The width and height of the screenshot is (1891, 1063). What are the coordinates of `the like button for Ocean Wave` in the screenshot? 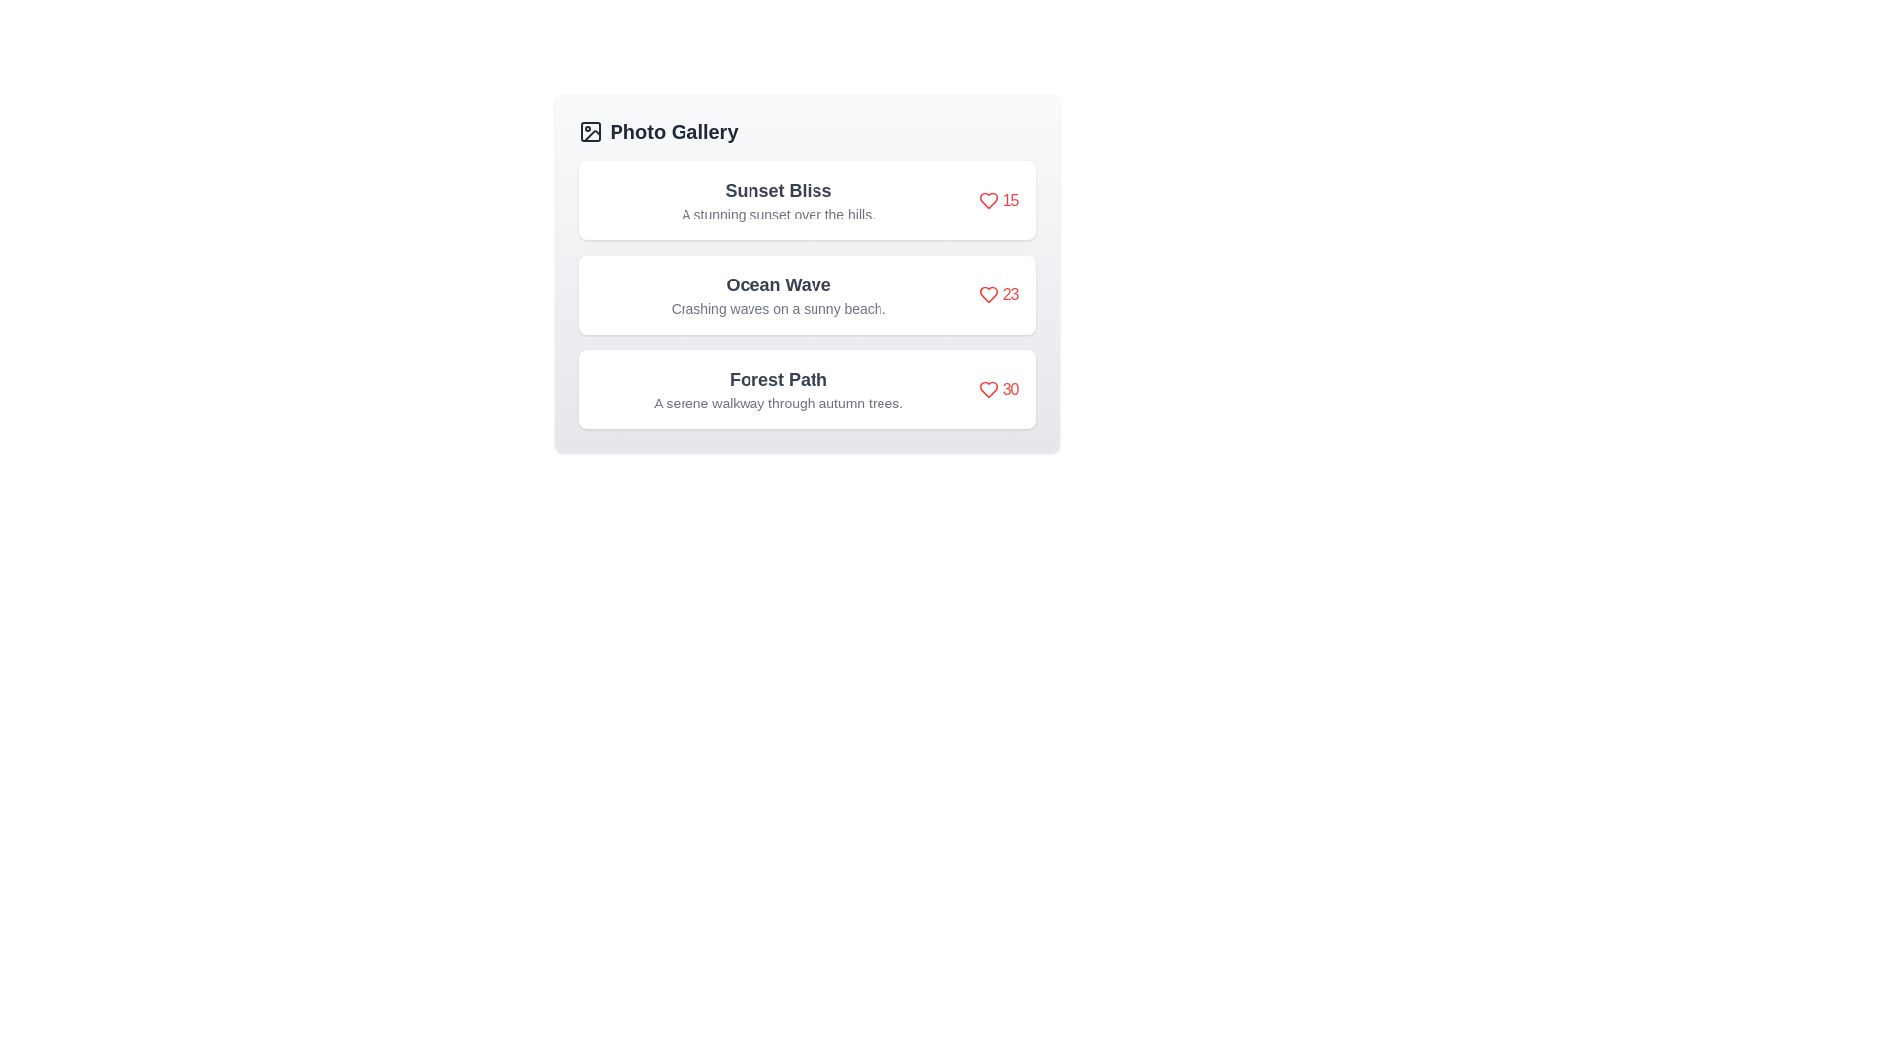 It's located at (999, 295).